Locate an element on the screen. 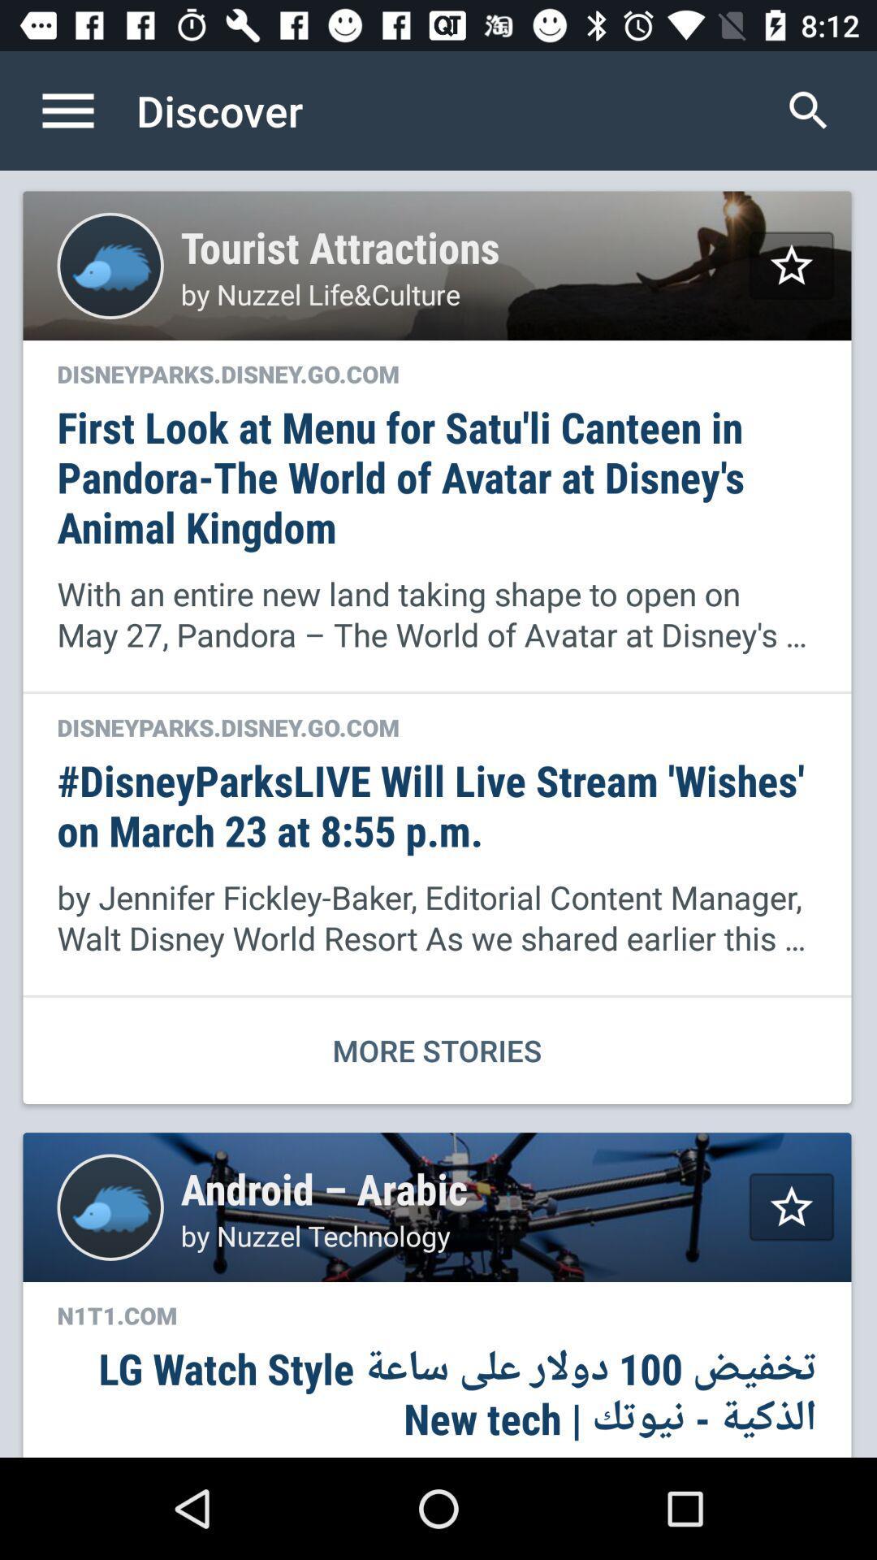 This screenshot has width=877, height=1560. open app menu is located at coordinates (84, 110).